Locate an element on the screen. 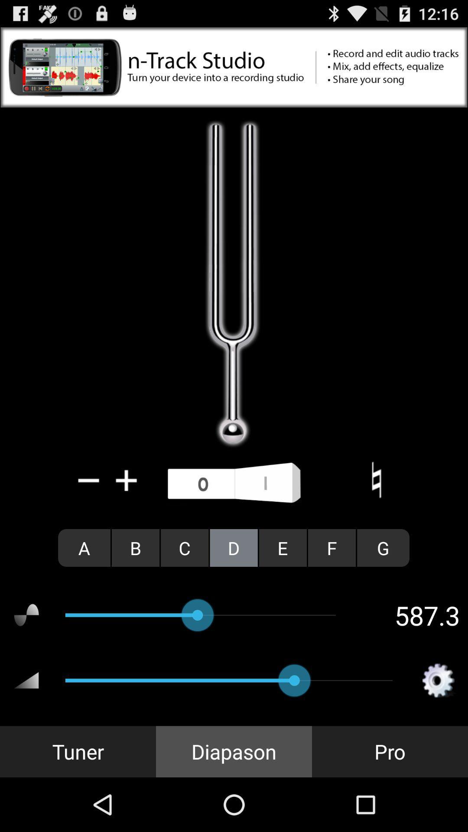 This screenshot has width=468, height=832. the settings icon is located at coordinates (439, 728).